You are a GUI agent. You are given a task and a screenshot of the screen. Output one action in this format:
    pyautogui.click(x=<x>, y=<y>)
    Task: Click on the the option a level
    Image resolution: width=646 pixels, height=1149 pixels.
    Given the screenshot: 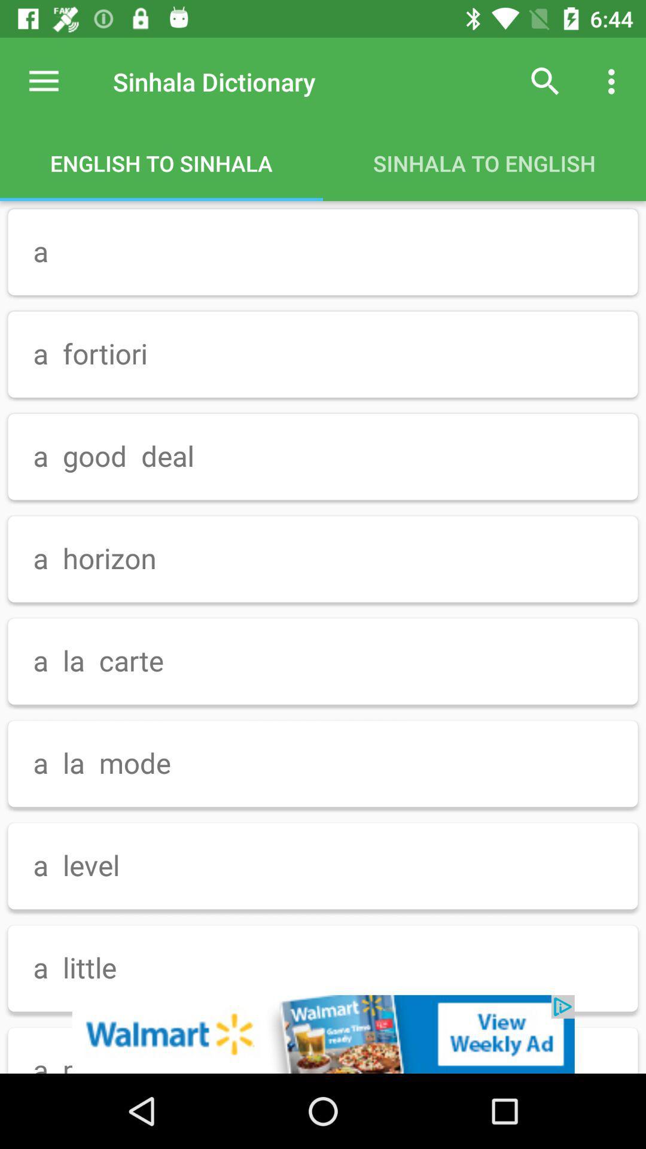 What is the action you would take?
    pyautogui.click(x=323, y=867)
    